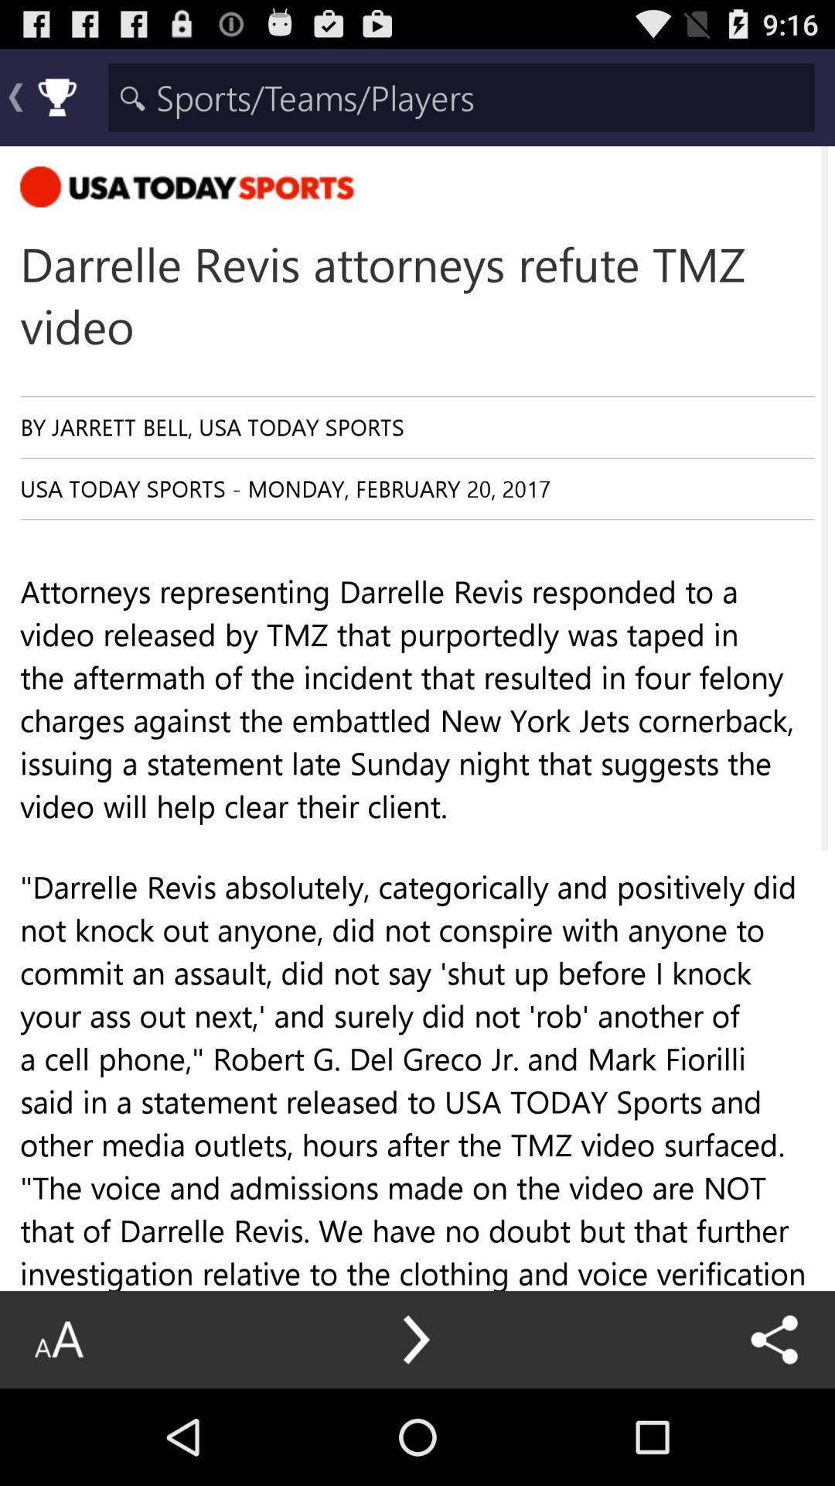  I want to click on the the 11 second icon, so click(417, 1383).